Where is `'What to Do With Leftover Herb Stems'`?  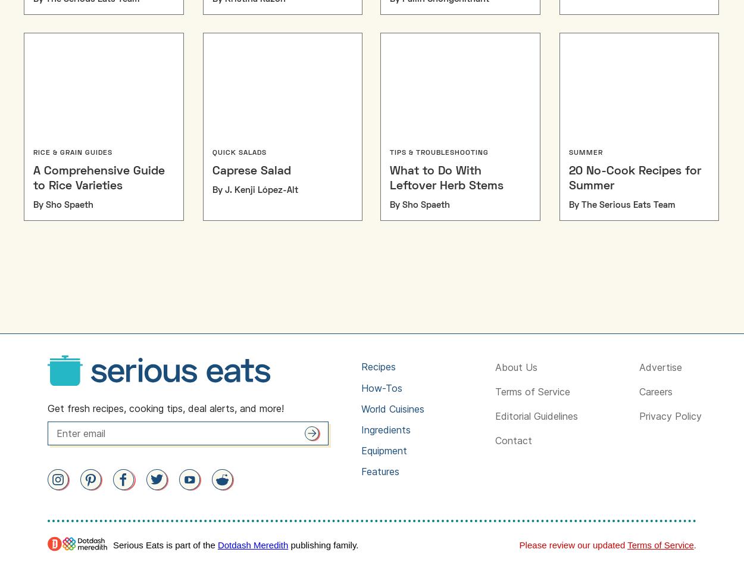
'What to Do With Leftover Herb Stems' is located at coordinates (446, 178).